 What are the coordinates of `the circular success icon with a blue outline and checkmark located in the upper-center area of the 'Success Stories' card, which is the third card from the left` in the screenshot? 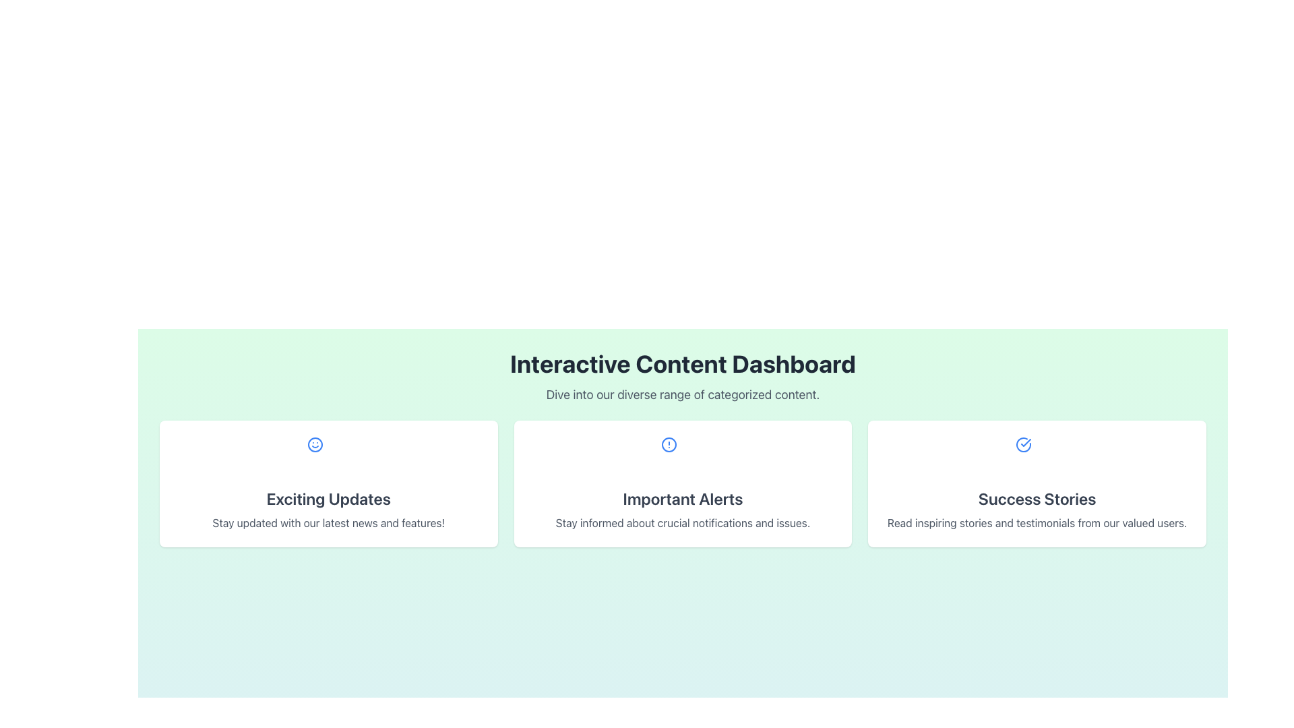 It's located at (1024, 444).